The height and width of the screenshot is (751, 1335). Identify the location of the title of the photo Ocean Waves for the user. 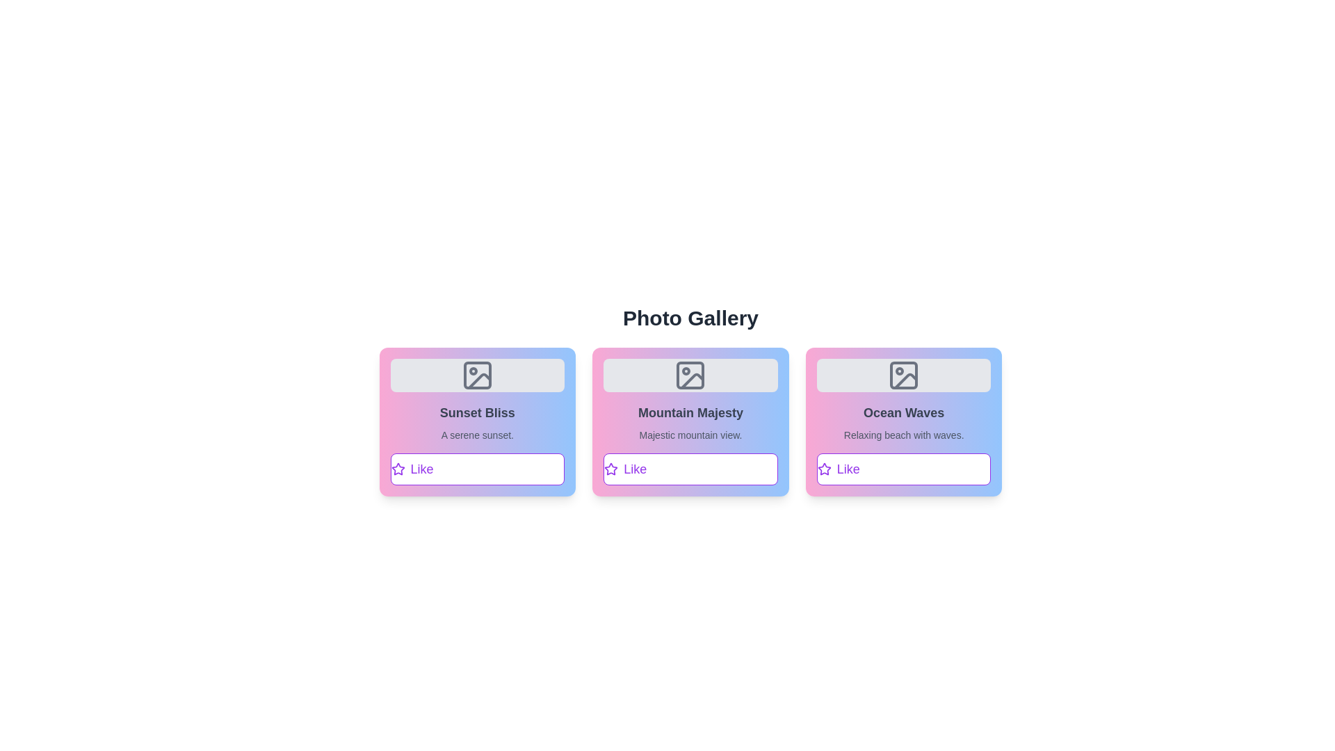
(904, 412).